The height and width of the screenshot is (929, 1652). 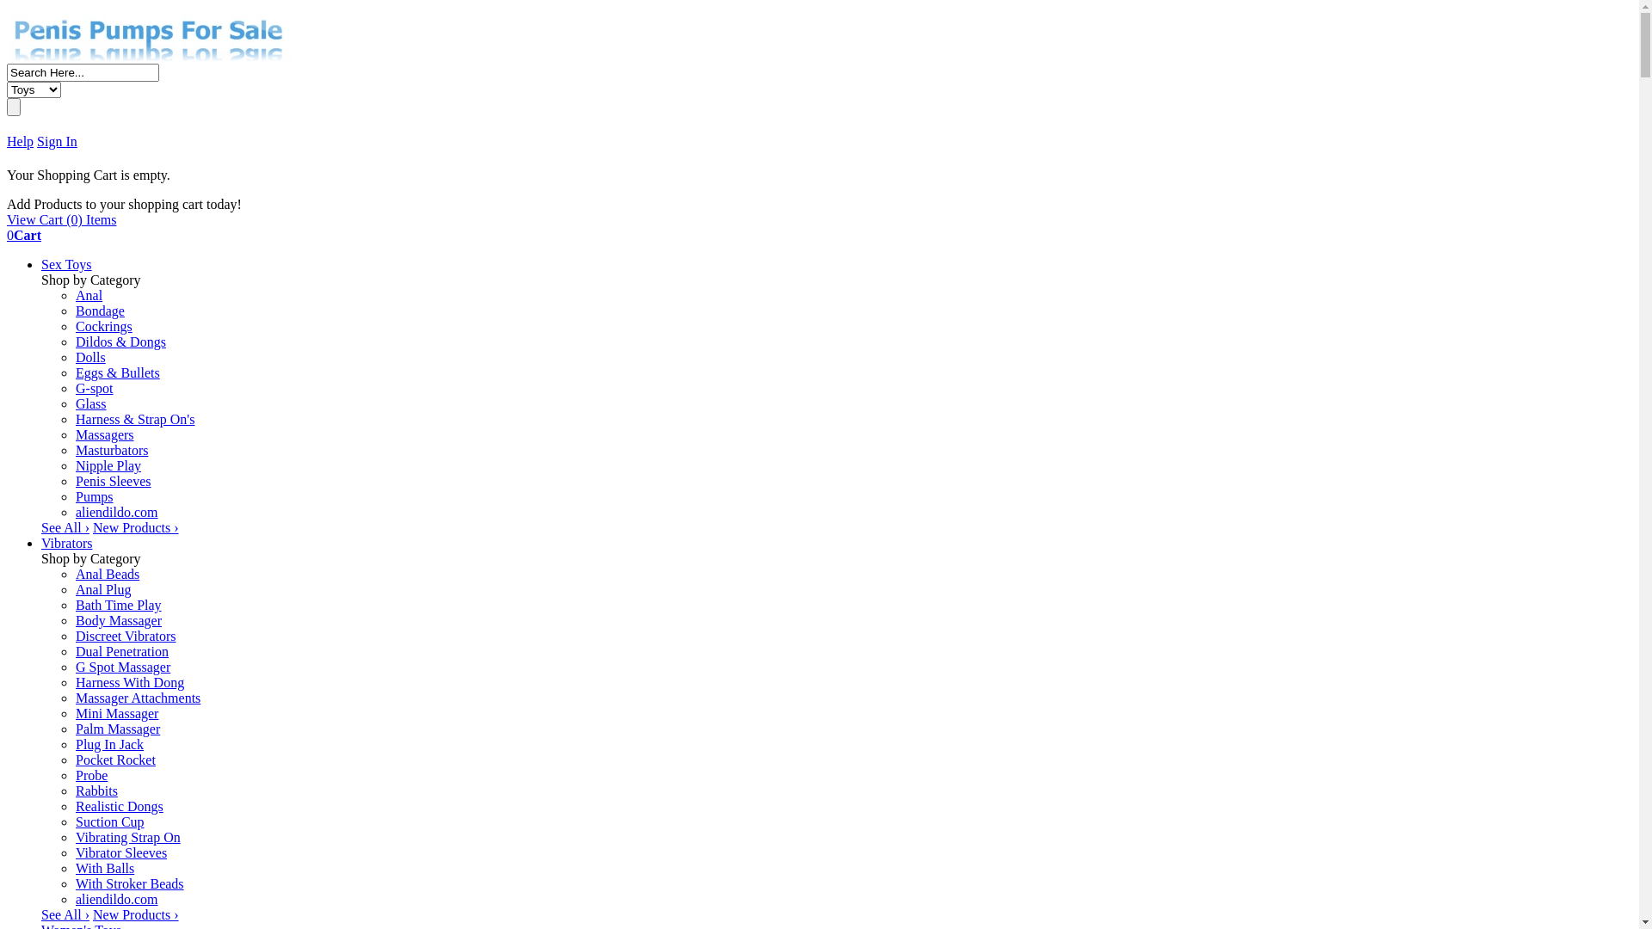 I want to click on 'Vibrator Sleeves', so click(x=74, y=852).